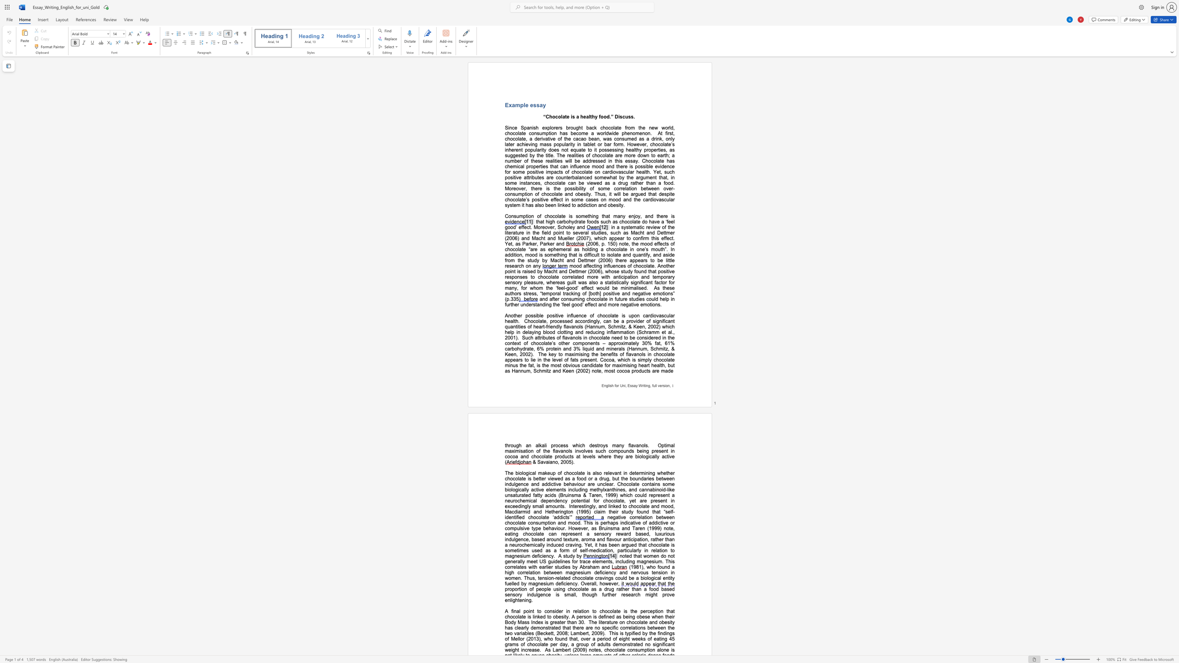 This screenshot has width=1179, height=663. What do you see at coordinates (563, 556) in the screenshot?
I see `the subset text "study" within the text "A study by"` at bounding box center [563, 556].